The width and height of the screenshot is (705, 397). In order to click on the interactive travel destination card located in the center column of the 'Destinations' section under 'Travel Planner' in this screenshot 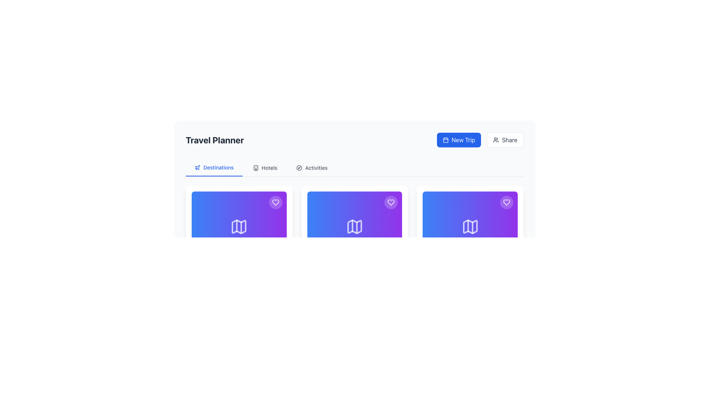, I will do `click(354, 246)`.